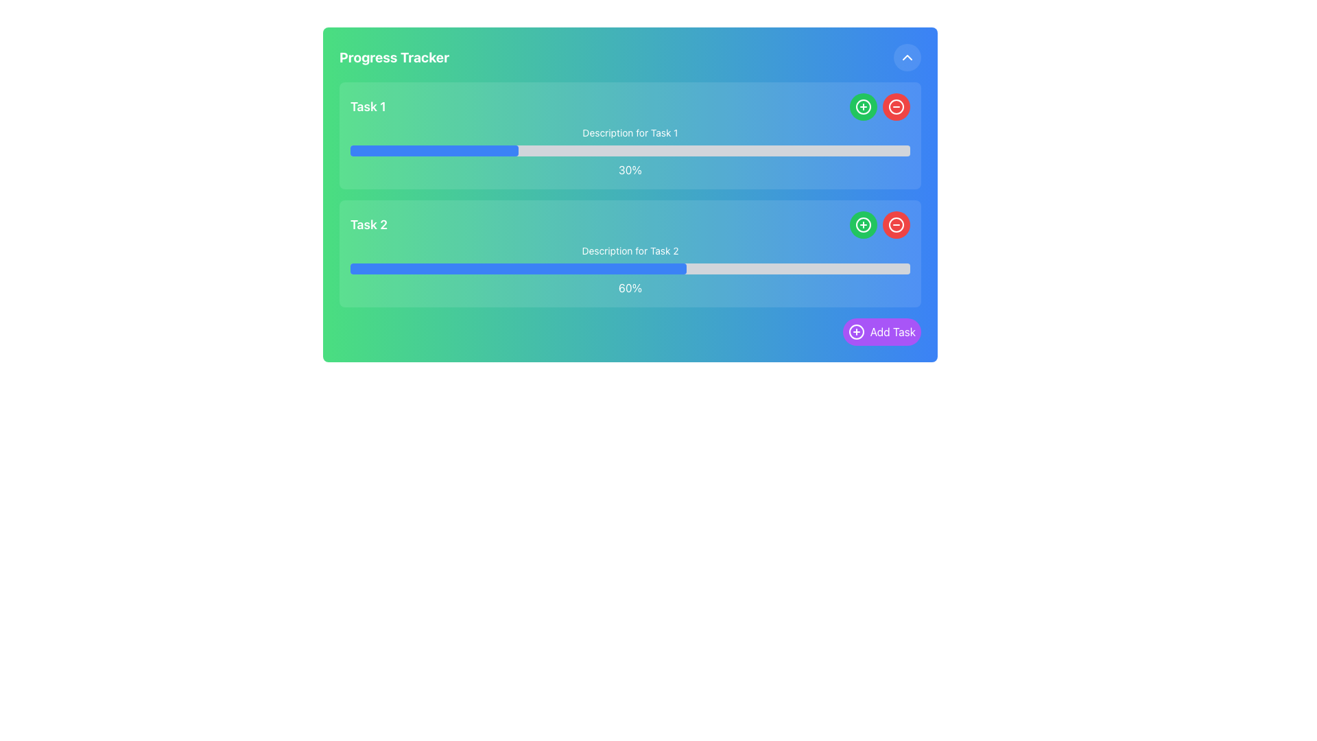 The image size is (1317, 741). Describe the element at coordinates (896, 224) in the screenshot. I see `the circular red button with a white border and subtraction symbol` at that location.